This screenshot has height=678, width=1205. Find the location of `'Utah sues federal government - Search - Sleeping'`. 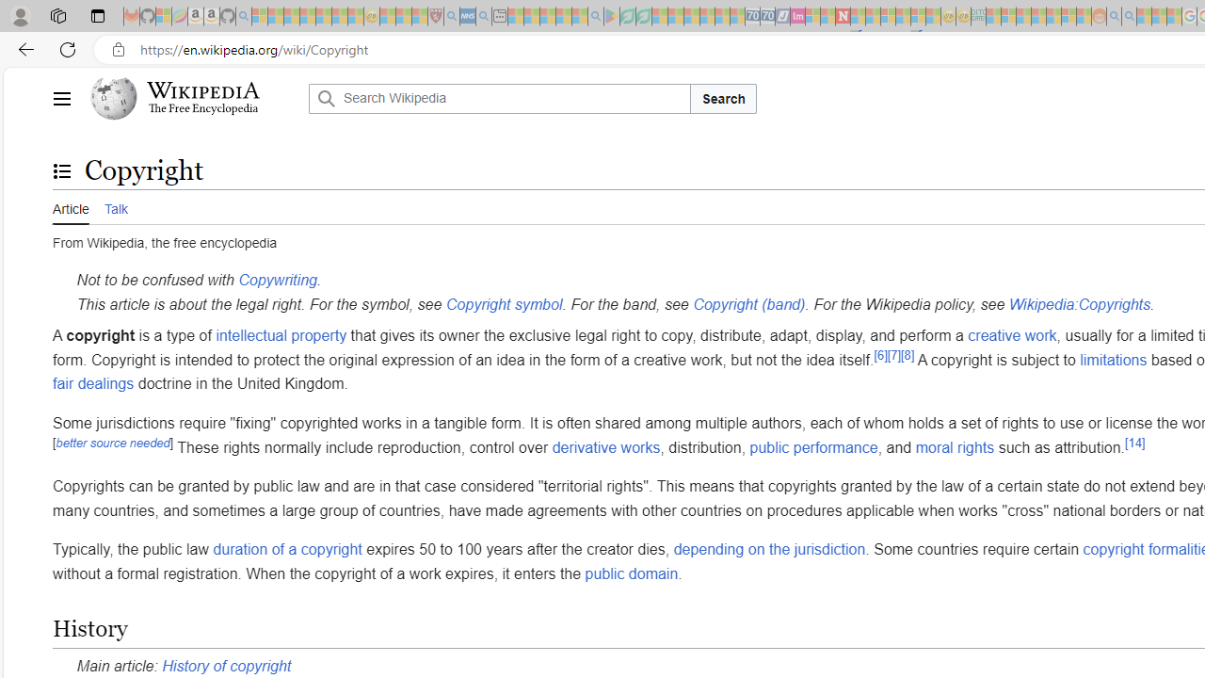

'Utah sues federal government - Search - Sleeping' is located at coordinates (1129, 16).